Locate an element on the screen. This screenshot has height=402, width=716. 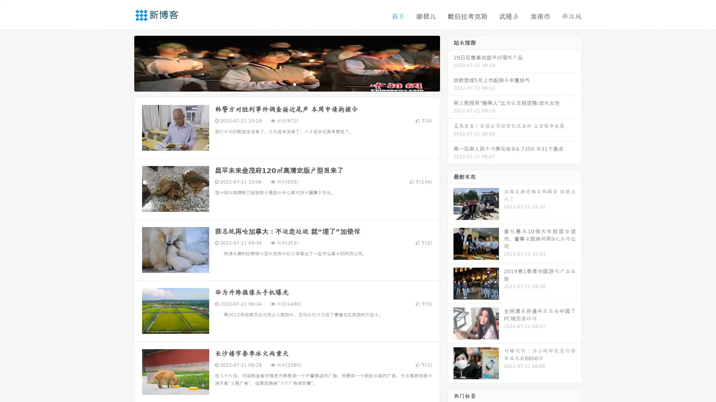
Go to slide 2 is located at coordinates (286, 84).